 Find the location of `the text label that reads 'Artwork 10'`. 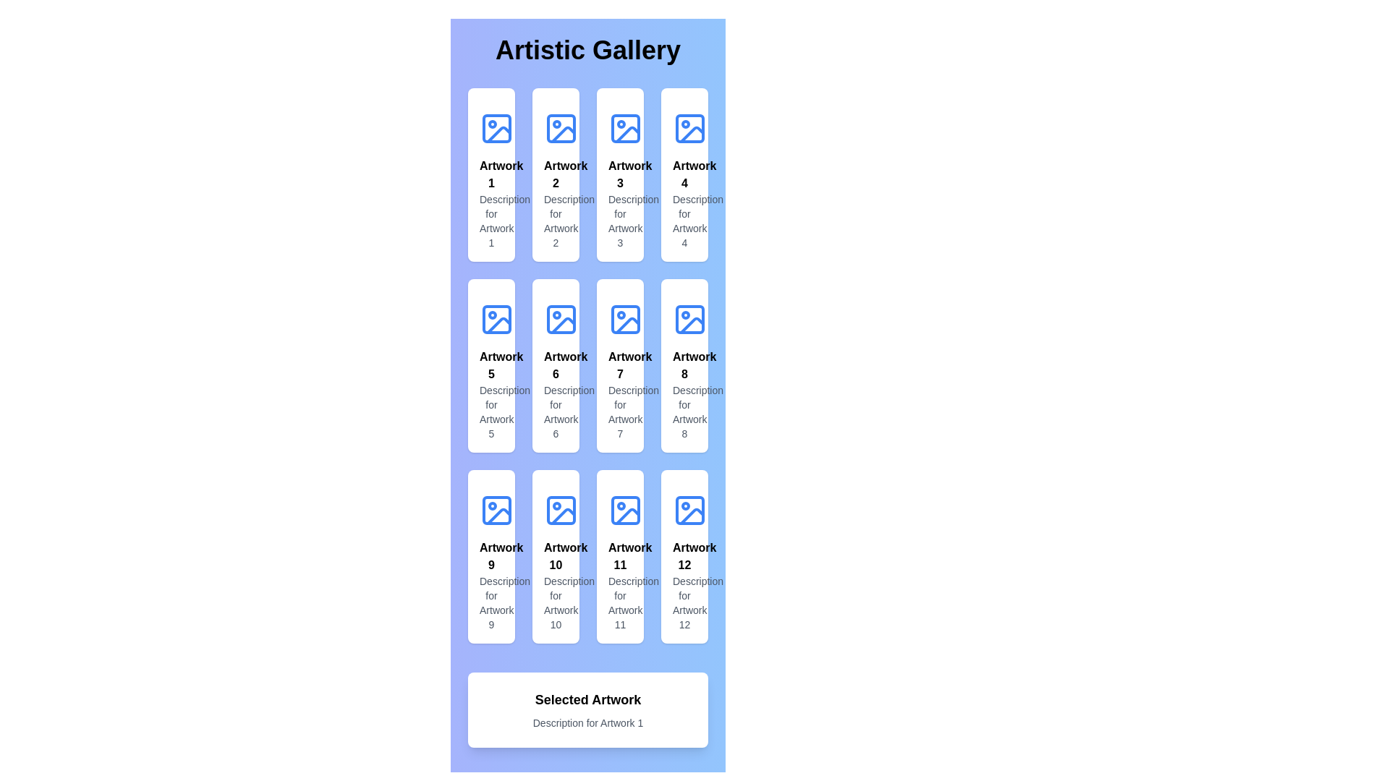

the text label that reads 'Artwork 10' is located at coordinates (555, 556).